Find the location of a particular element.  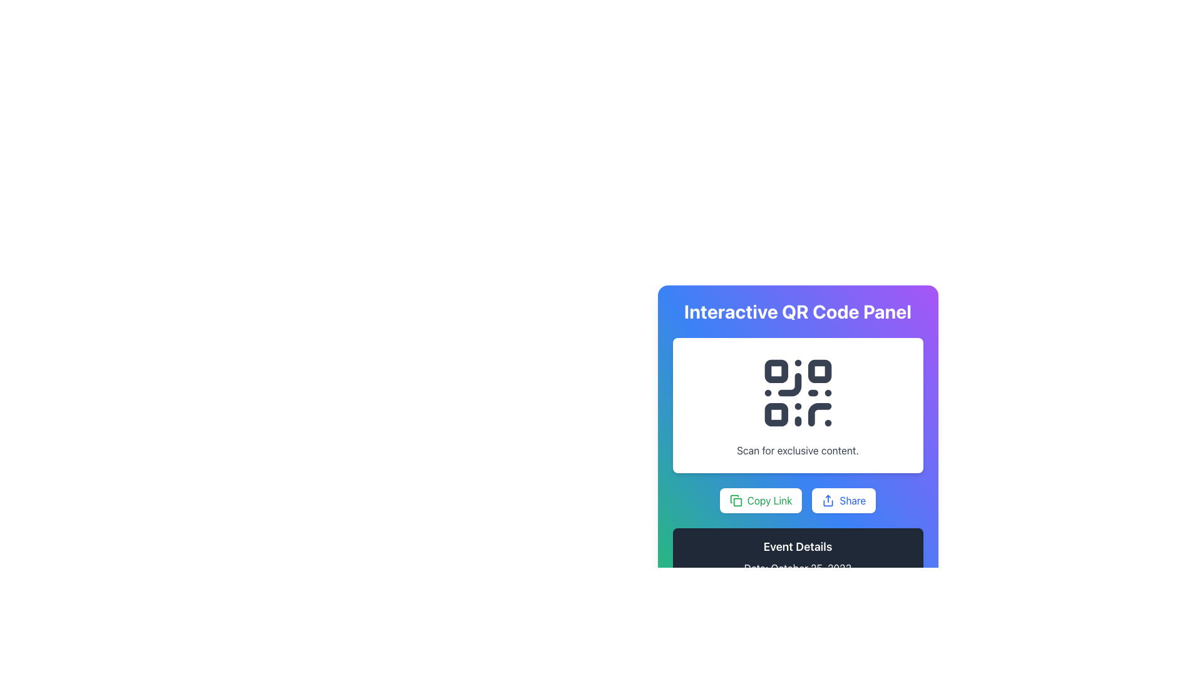

the small rectangular shape with rounded corners that is part of an SVG icon, located to the left of the 'Copy Link' button in the bottom section of the panel beneath the QR code is located at coordinates (737, 501).